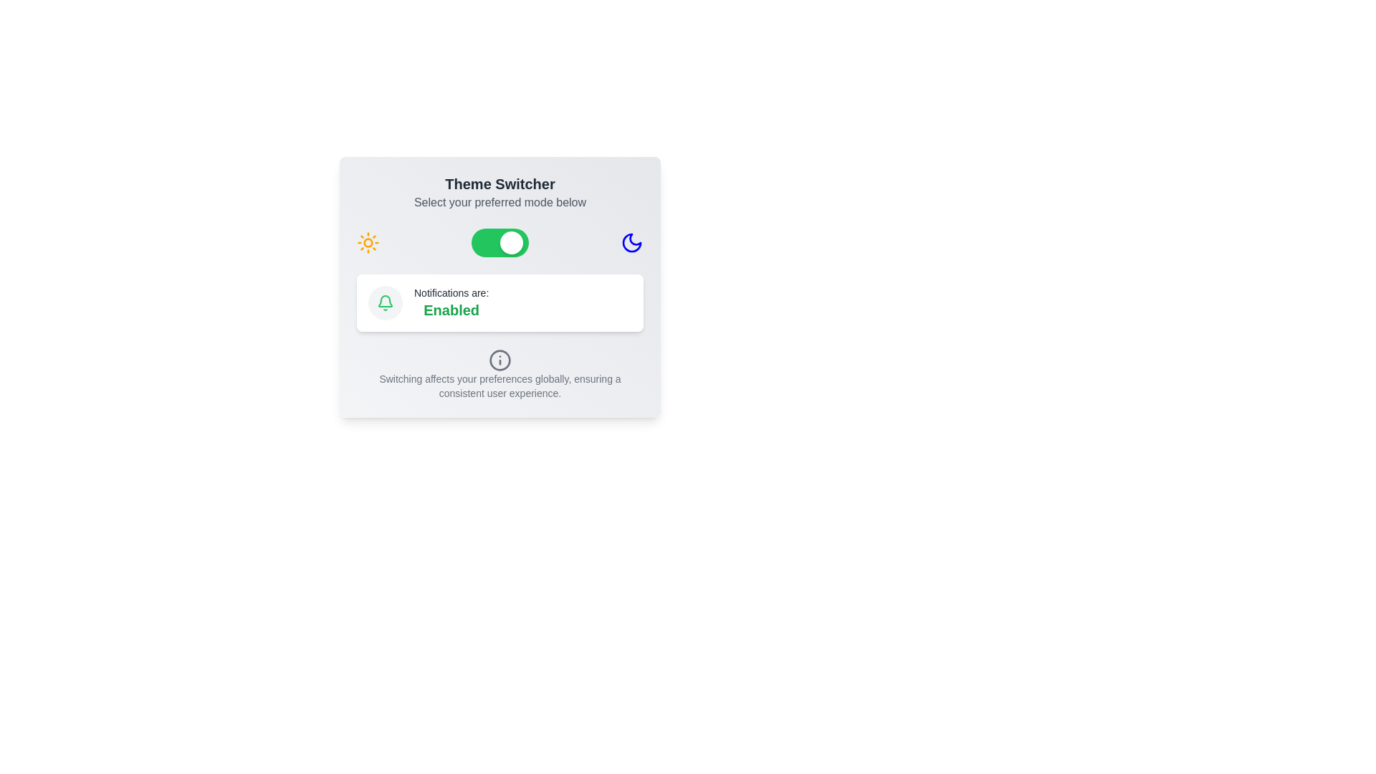  Describe the element at coordinates (500, 242) in the screenshot. I see `the toggle switch for activating or deactivating a feature, located centrally with sun and moon icons` at that location.